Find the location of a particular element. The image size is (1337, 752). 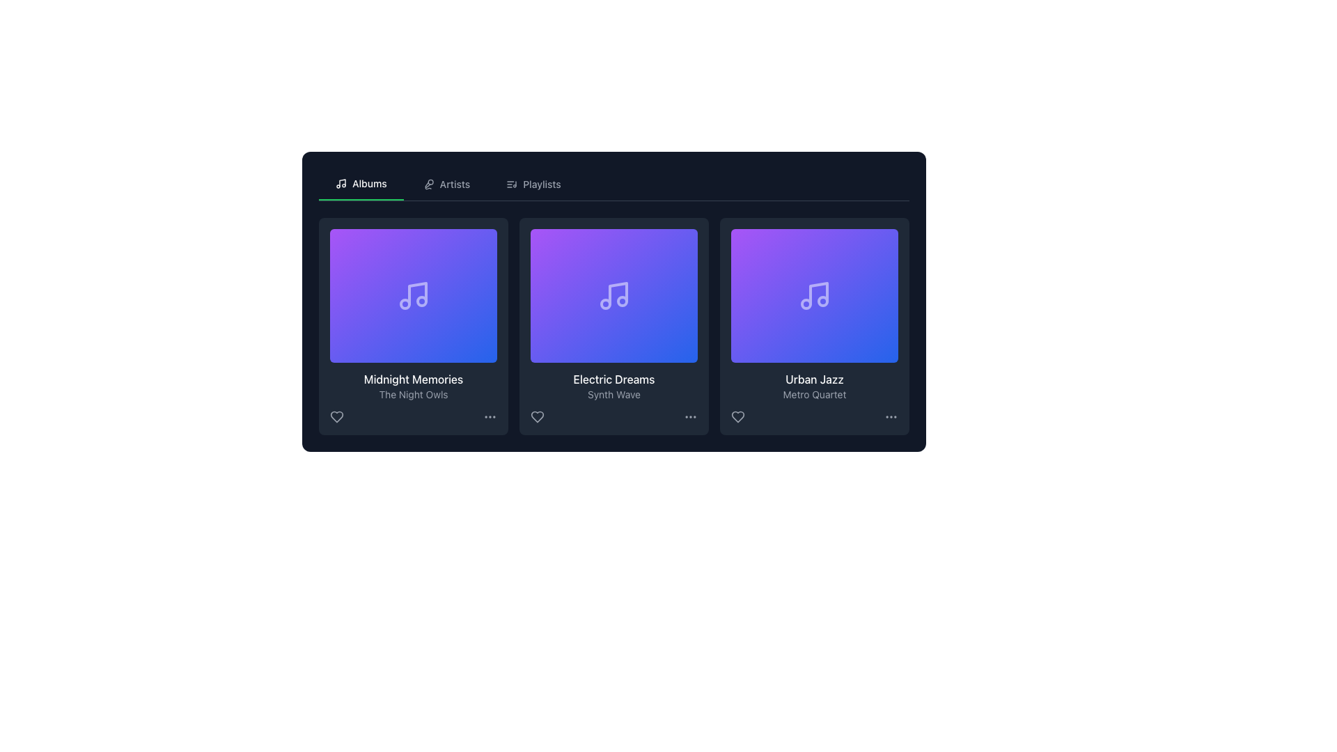

the ellipsis icon button located at the bottom-right of the 'Midnight Memories' card is located at coordinates (490, 416).